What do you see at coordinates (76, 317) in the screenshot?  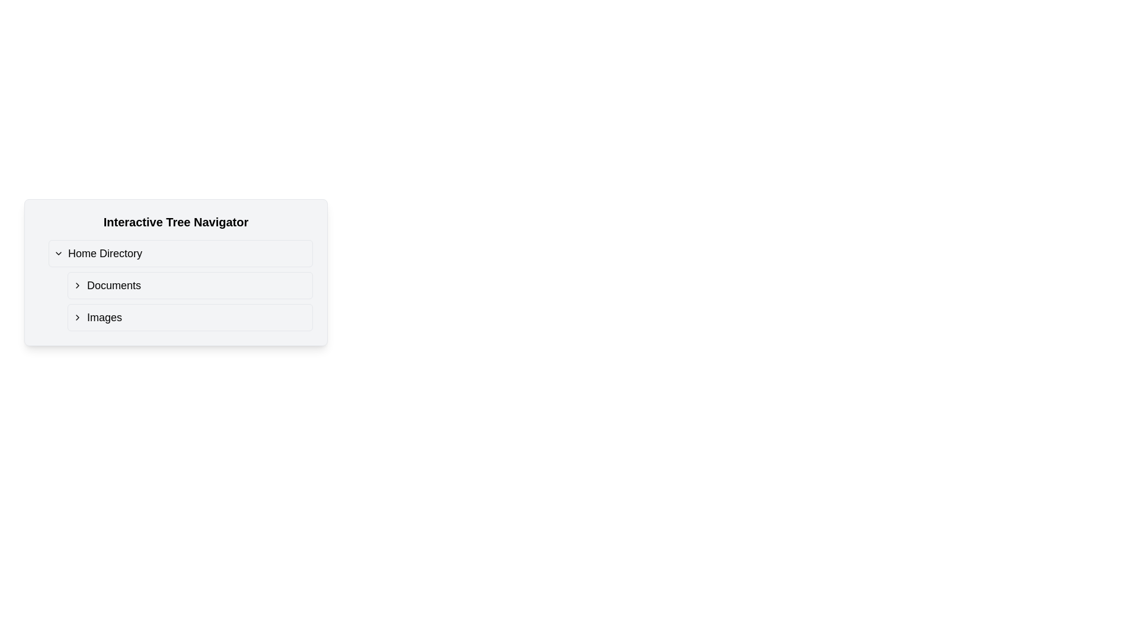 I see `the small rightward-pointing chevron icon located at the far left of the 'Images' item in the tree structure` at bounding box center [76, 317].